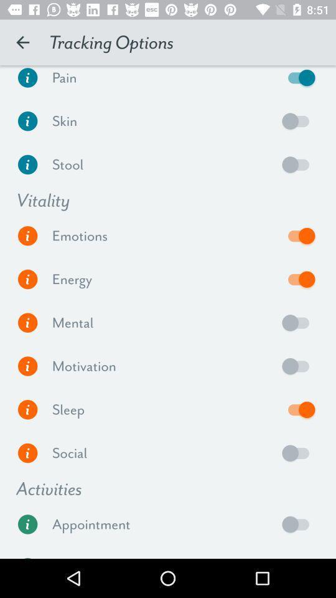 This screenshot has width=336, height=598. I want to click on more information, so click(27, 409).